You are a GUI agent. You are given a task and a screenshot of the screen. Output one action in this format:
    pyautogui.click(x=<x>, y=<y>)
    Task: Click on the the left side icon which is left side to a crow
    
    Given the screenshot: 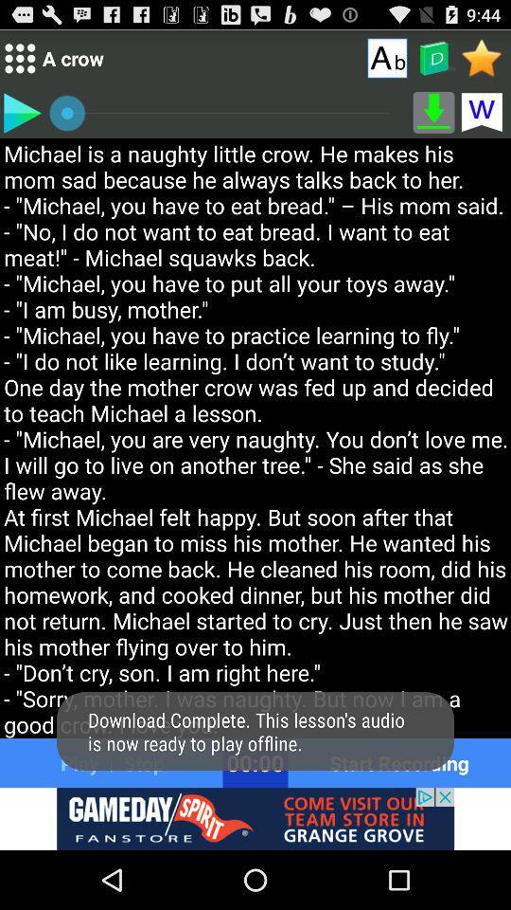 What is the action you would take?
    pyautogui.click(x=19, y=58)
    